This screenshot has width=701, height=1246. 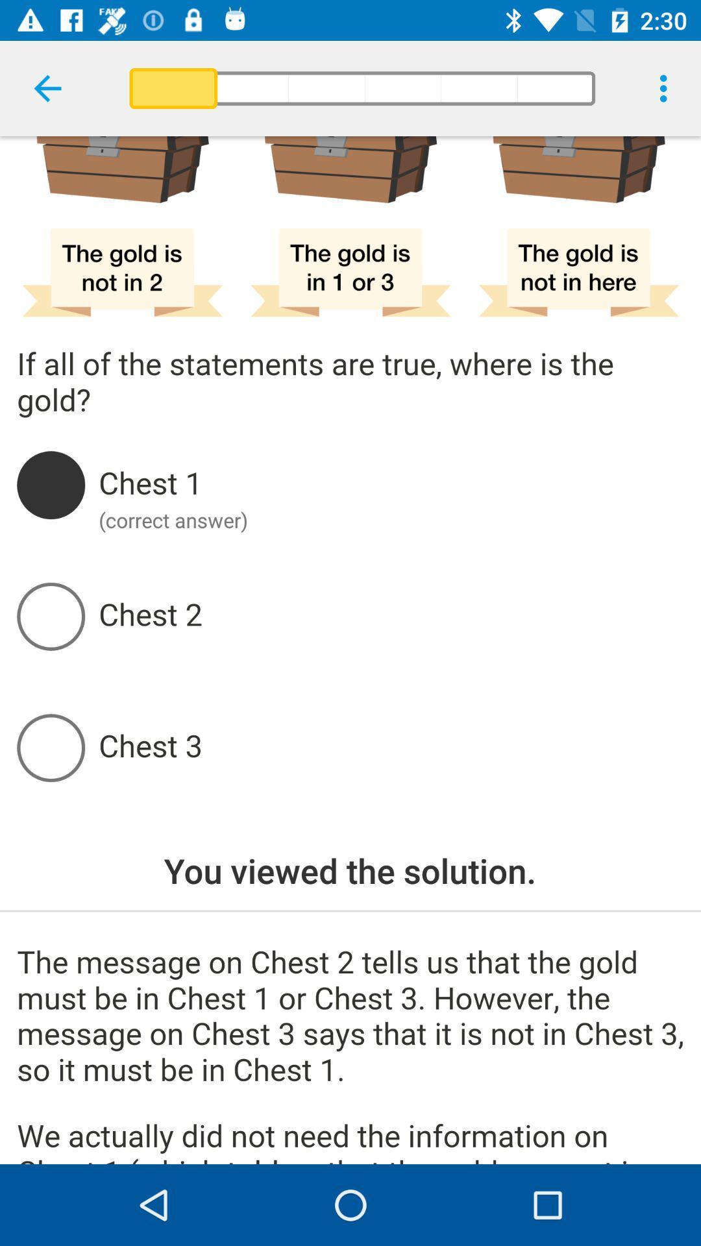 What do you see at coordinates (390, 484) in the screenshot?
I see `option button` at bounding box center [390, 484].